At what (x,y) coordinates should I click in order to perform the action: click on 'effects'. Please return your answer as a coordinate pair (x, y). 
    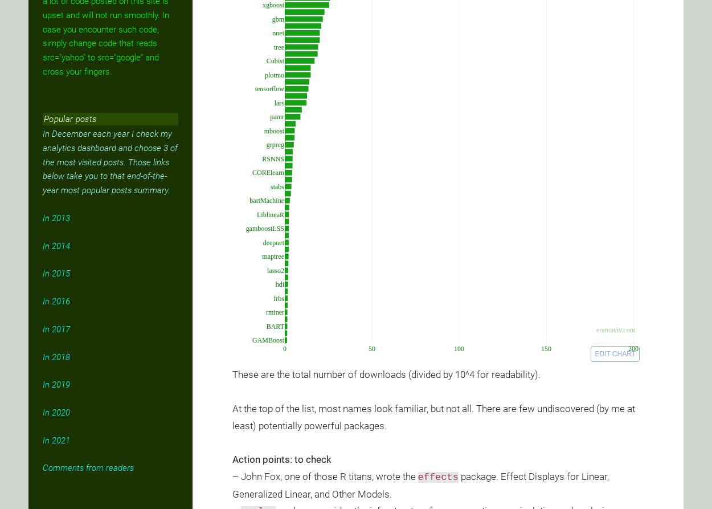
    Looking at the image, I should click on (437, 476).